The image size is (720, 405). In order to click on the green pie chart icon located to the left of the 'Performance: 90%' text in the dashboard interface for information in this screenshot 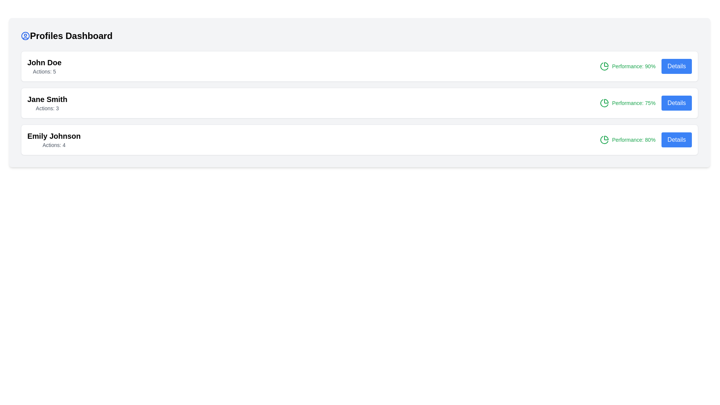, I will do `click(604, 66)`.